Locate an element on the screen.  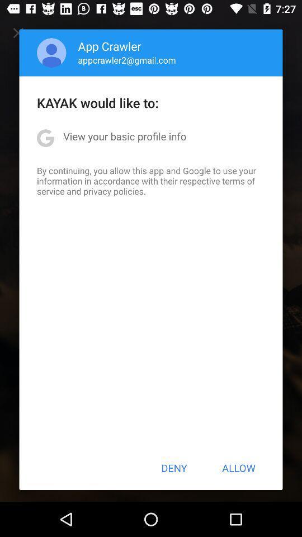
the deny at the bottom is located at coordinates (174, 468).